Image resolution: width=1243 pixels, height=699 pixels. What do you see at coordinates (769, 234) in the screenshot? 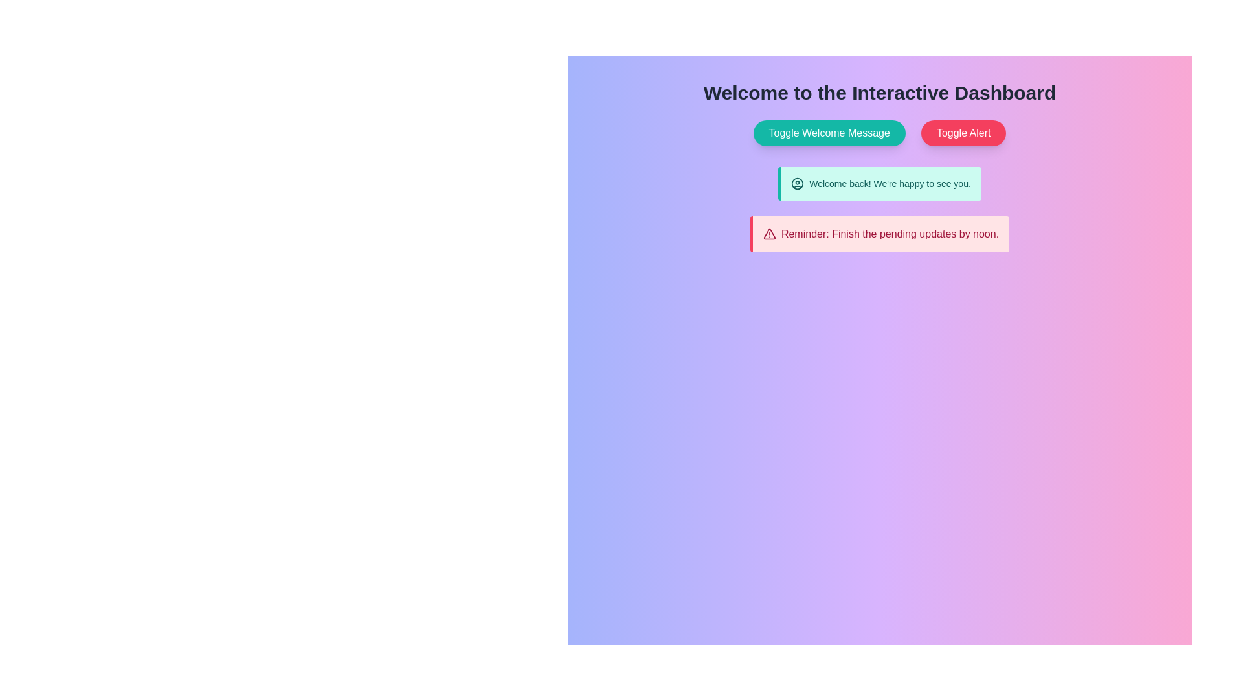
I see `the alert icon, which is the leftmost component of the alert message panel with a pink background and red border, indicating a reminder to finish pending updates by noon` at bounding box center [769, 234].